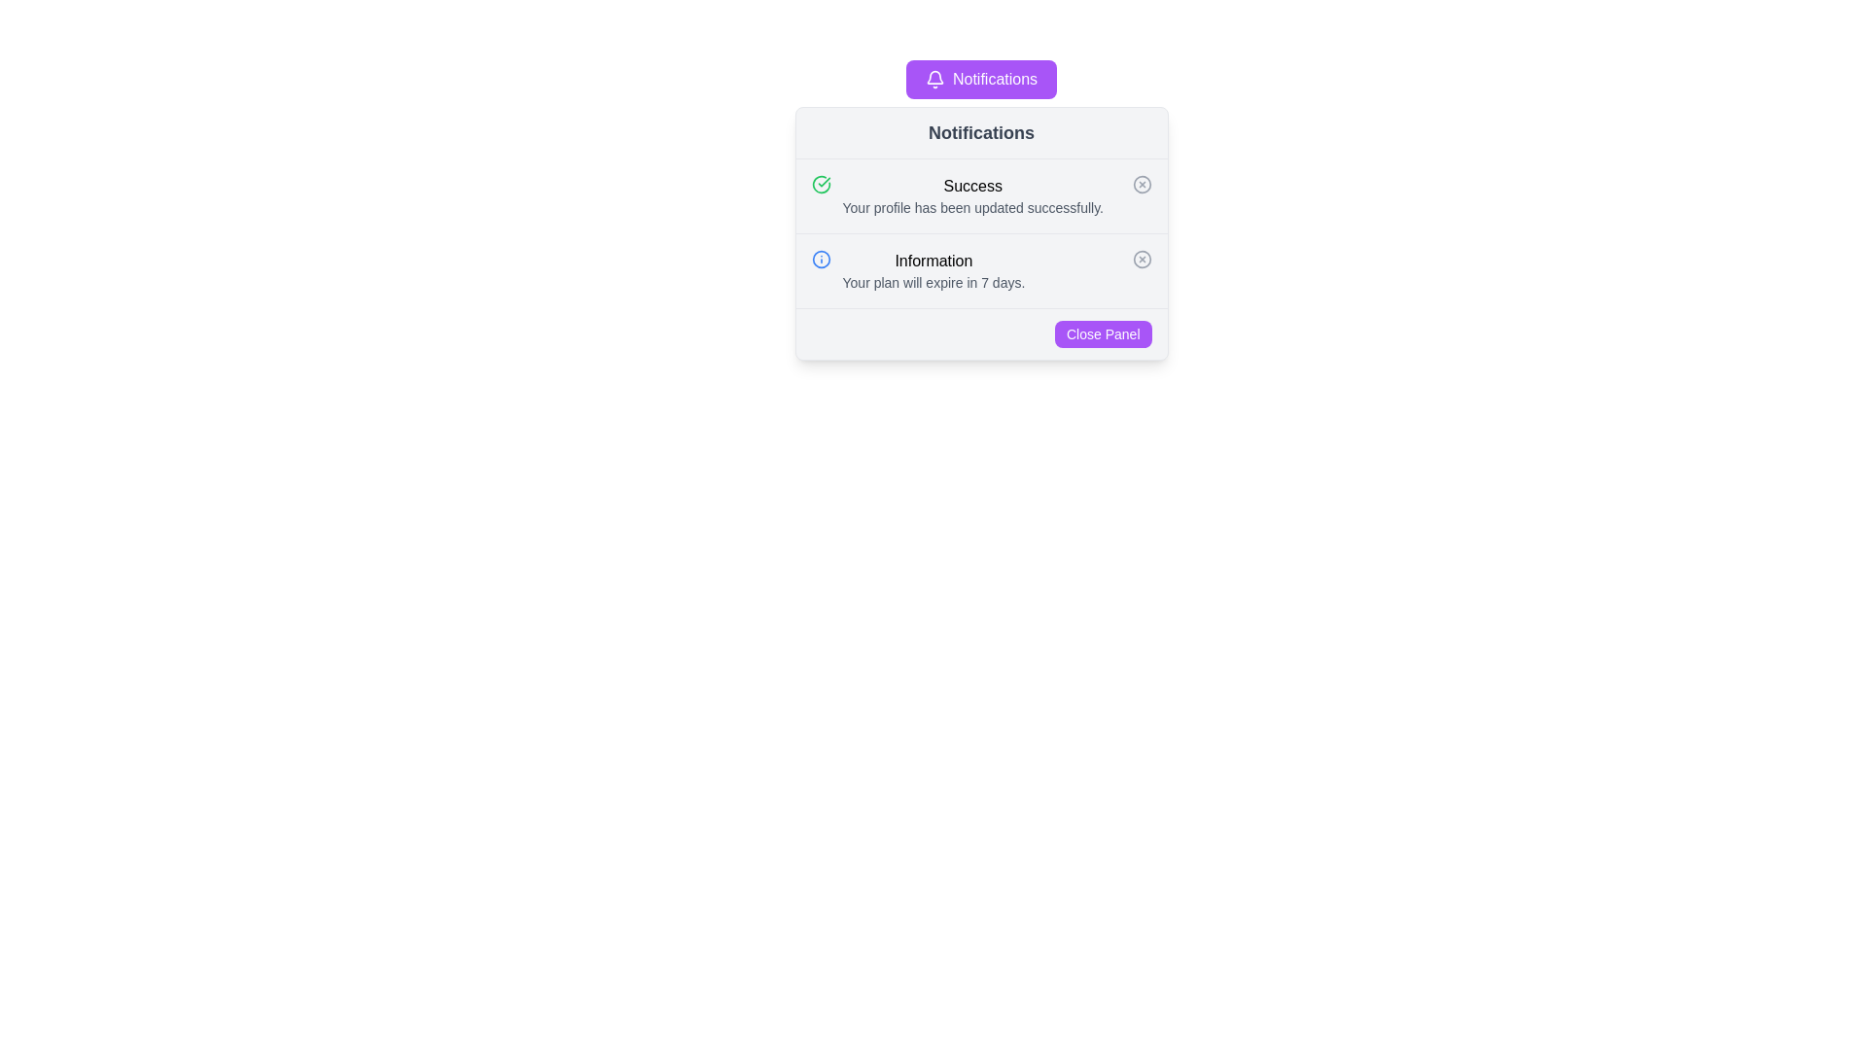 This screenshot has width=1867, height=1050. I want to click on the SVG Circle Element in the second row of the notification panel, located to the right of the 'Information' text and icon, which serves as a close action icon, so click(1142, 258).